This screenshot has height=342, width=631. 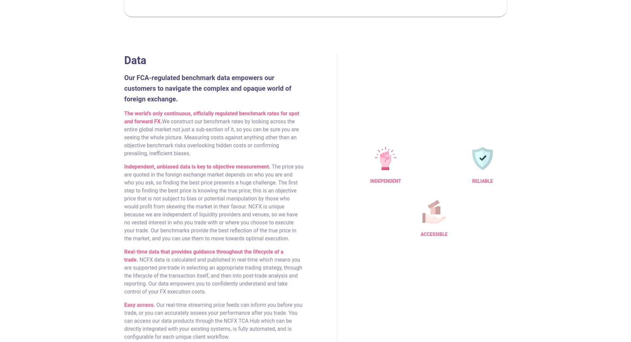 What do you see at coordinates (212, 117) in the screenshot?
I see `'The world’s only continuous, officially regulated benchmark rates for spot and forward FX.'` at bounding box center [212, 117].